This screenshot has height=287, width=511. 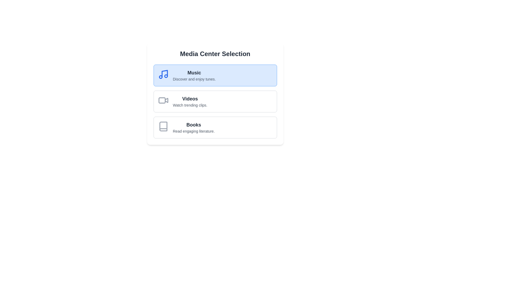 I want to click on the text element displaying 'Music', so click(x=194, y=73).